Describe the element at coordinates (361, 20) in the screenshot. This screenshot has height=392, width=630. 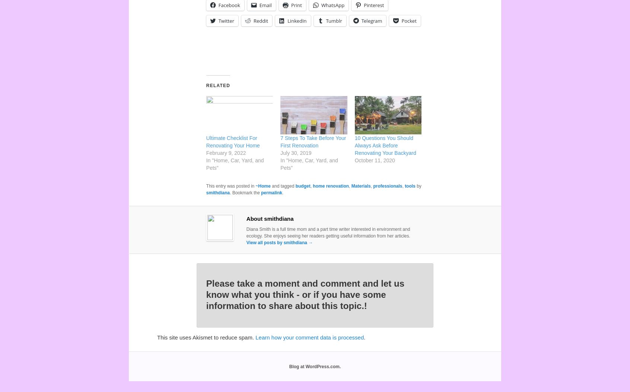
I see `'Telegram'` at that location.